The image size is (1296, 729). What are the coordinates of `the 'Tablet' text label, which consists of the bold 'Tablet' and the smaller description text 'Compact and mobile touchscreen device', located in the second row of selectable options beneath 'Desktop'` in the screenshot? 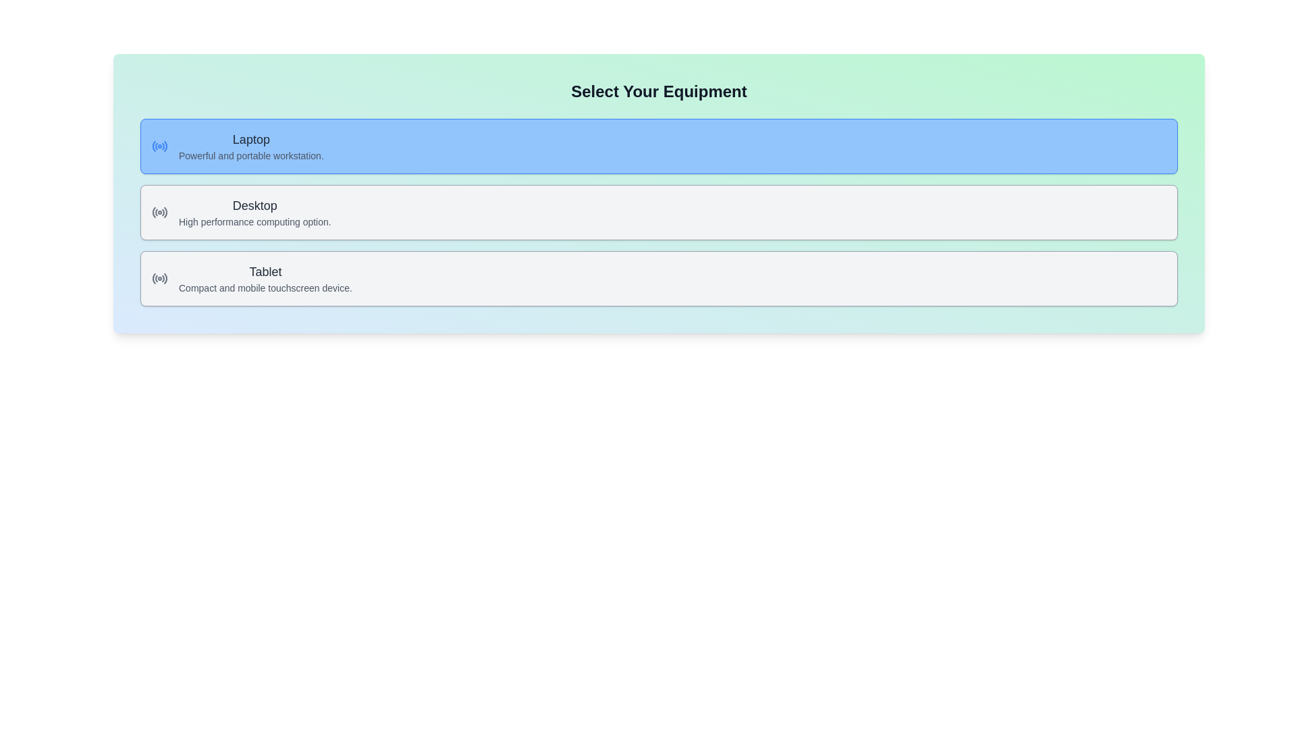 It's located at (265, 277).